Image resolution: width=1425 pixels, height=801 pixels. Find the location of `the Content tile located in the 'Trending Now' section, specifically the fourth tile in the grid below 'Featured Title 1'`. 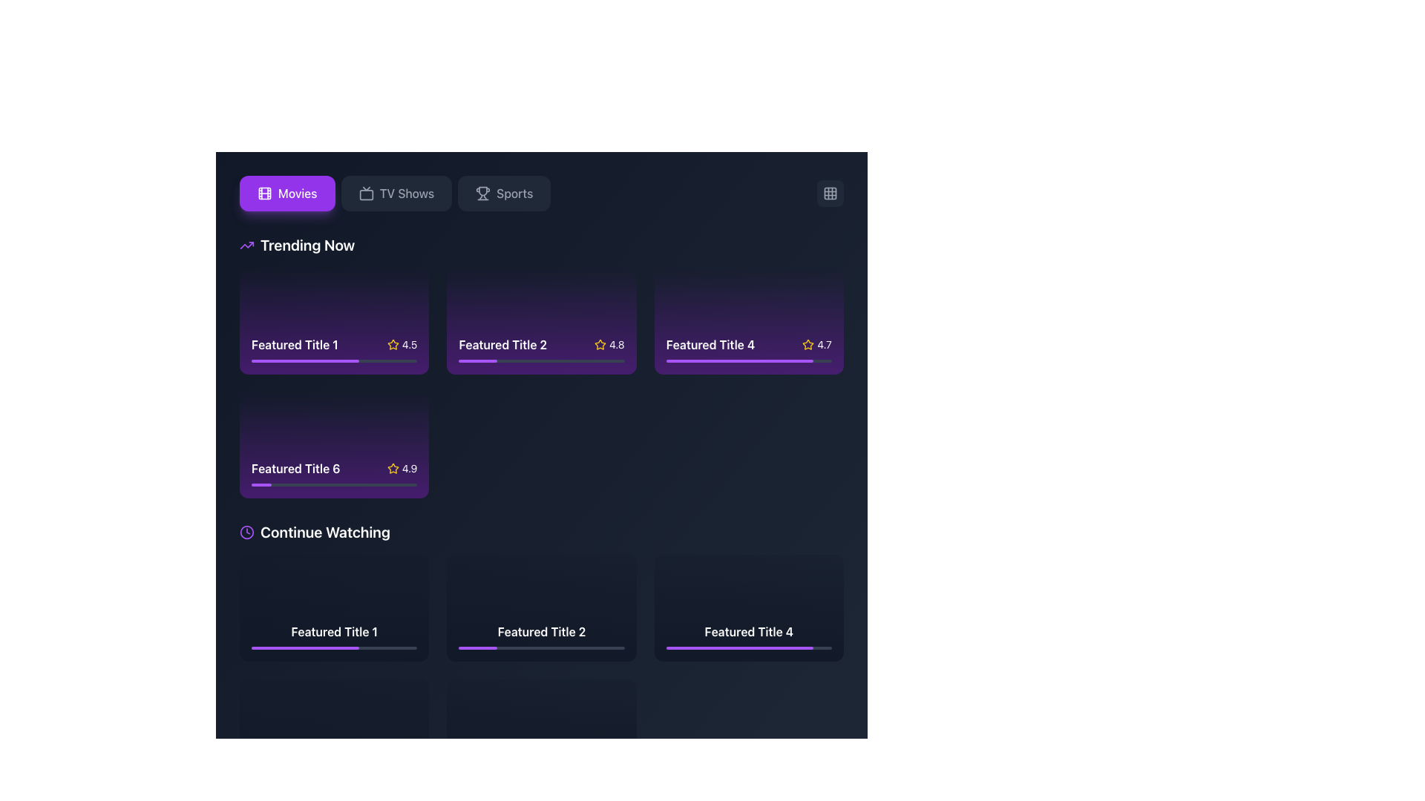

the Content tile located in the 'Trending Now' section, specifically the fourth tile in the grid below 'Featured Title 1' is located at coordinates (333, 444).